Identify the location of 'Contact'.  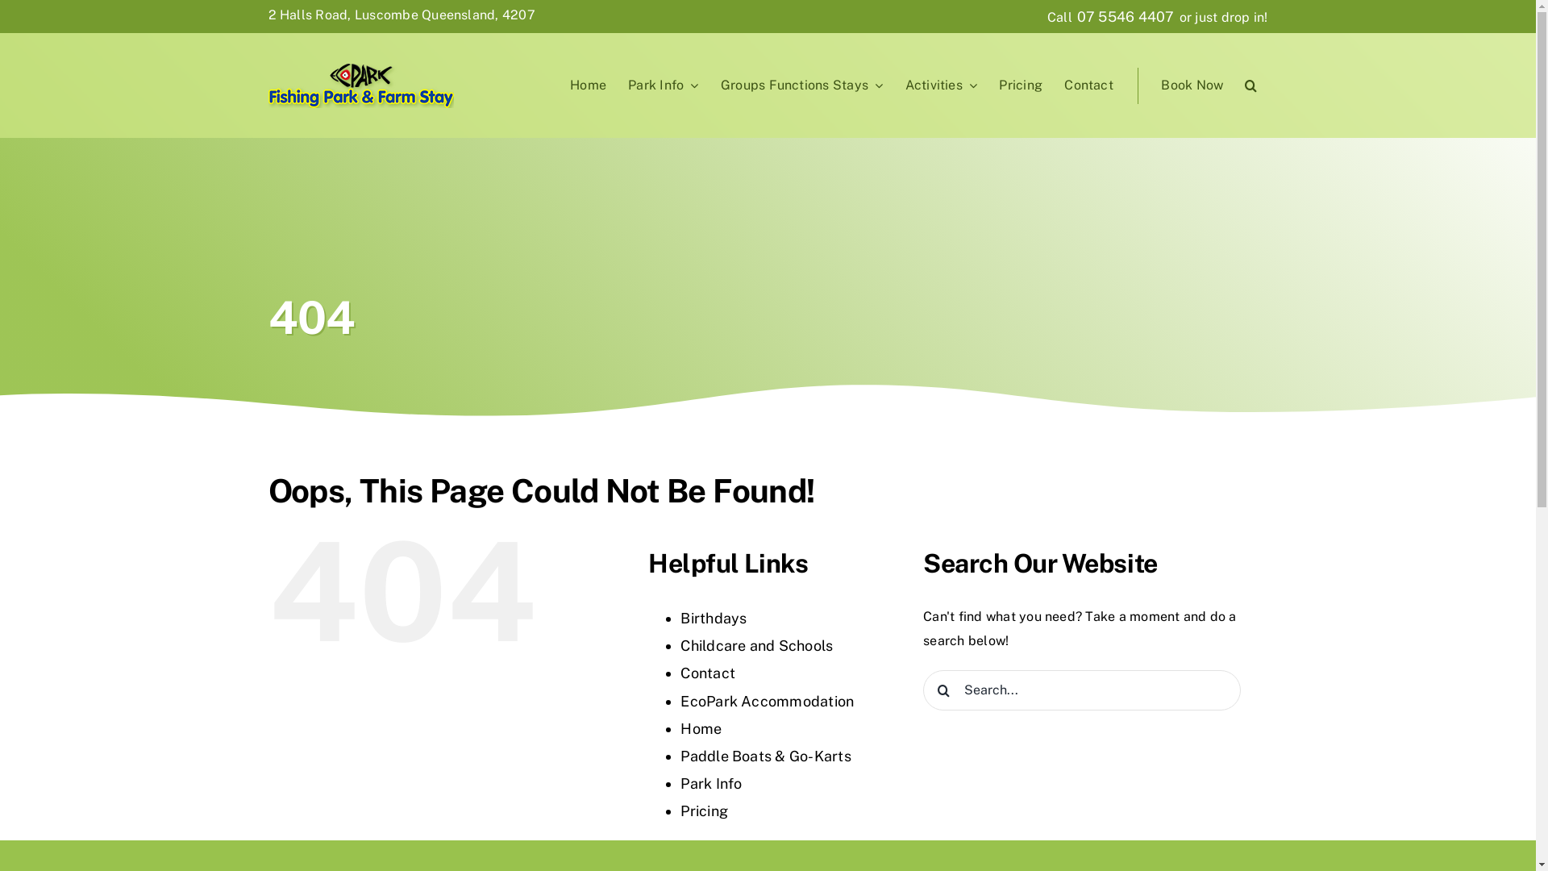
(1088, 85).